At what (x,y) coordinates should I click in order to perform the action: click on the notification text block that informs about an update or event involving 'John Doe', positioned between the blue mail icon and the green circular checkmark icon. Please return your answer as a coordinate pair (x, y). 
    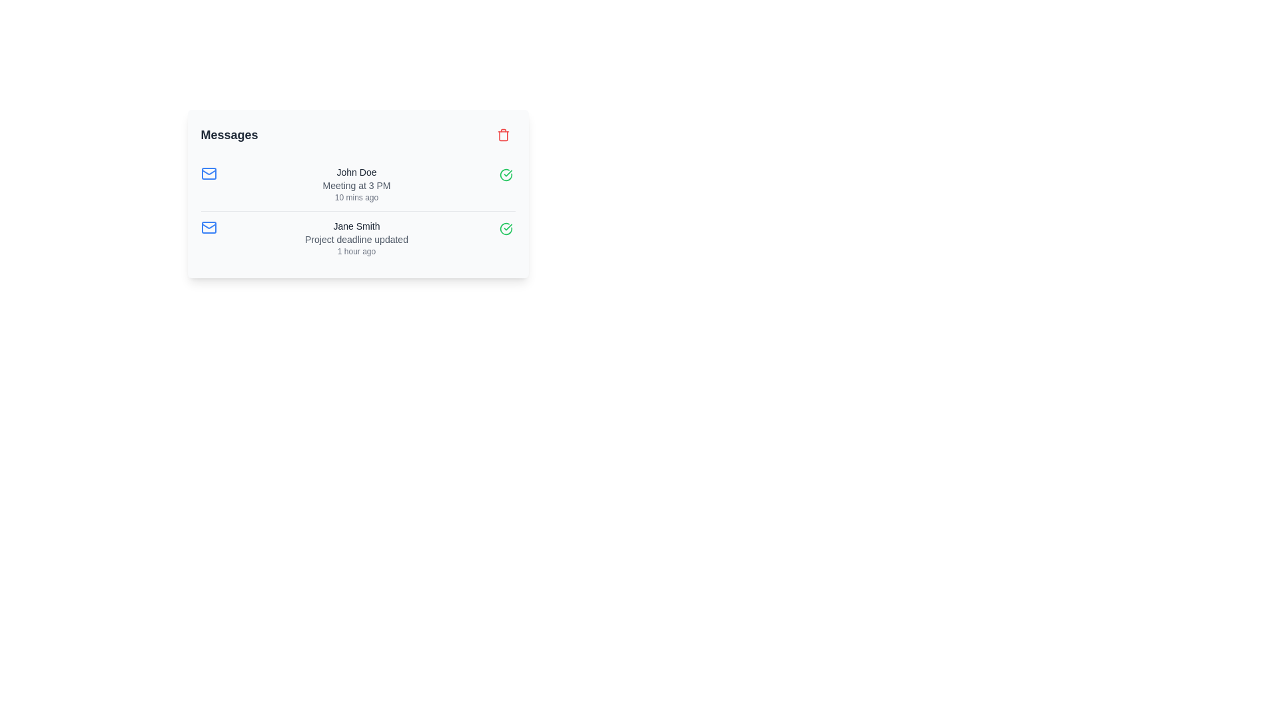
    Looking at the image, I should click on (356, 184).